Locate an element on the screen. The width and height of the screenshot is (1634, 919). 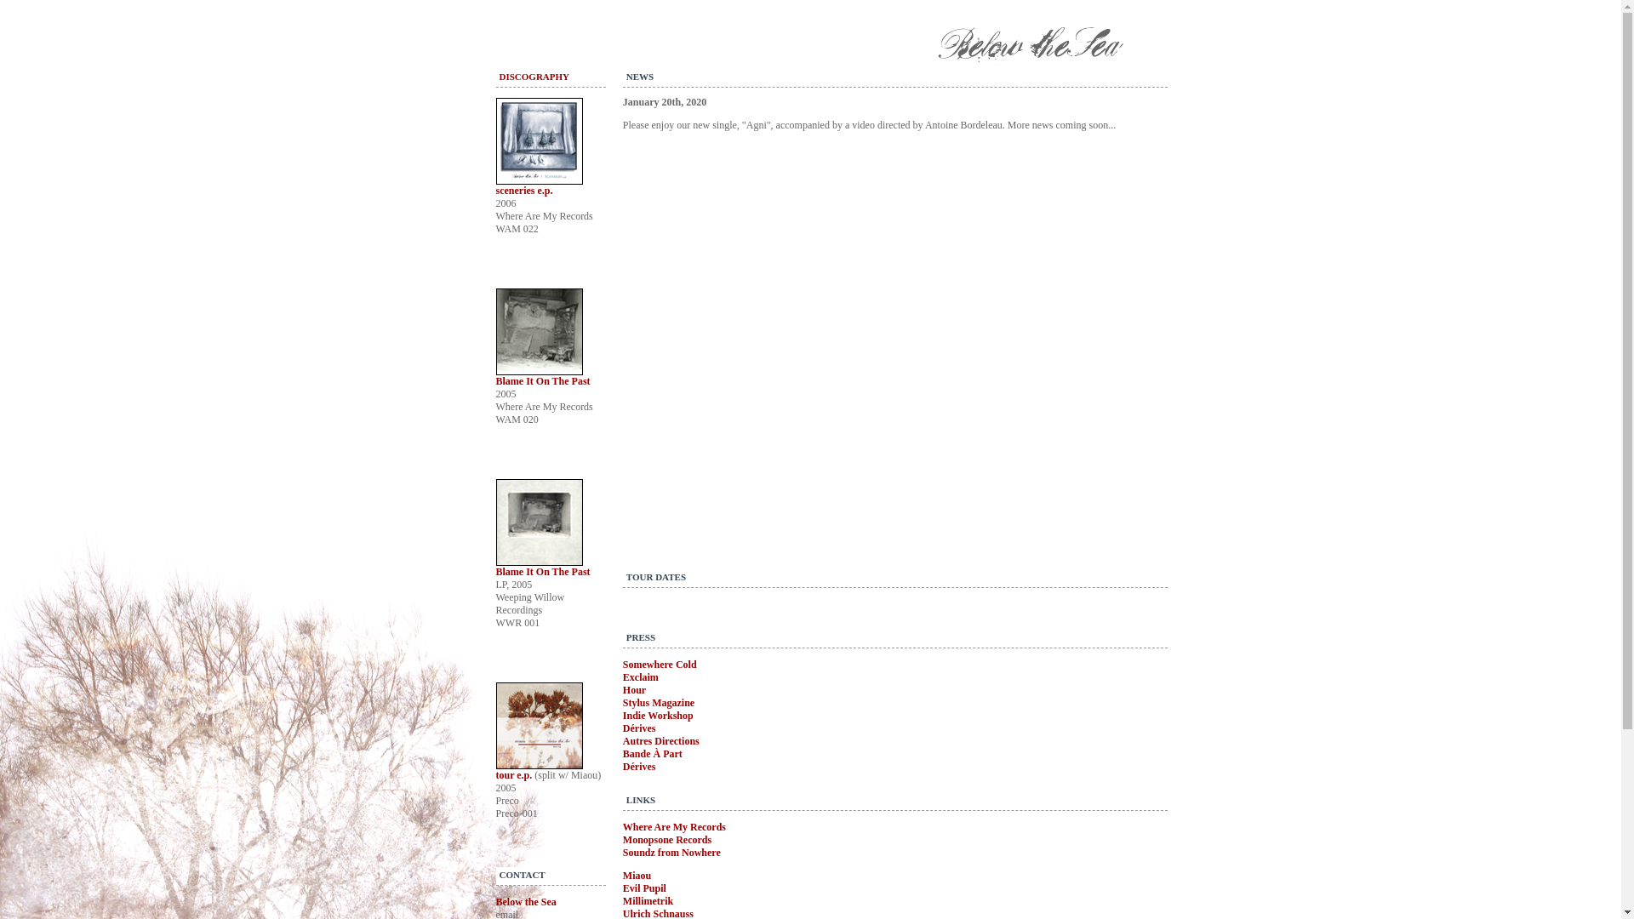
'Soundz from Nowhere' is located at coordinates (621, 853).